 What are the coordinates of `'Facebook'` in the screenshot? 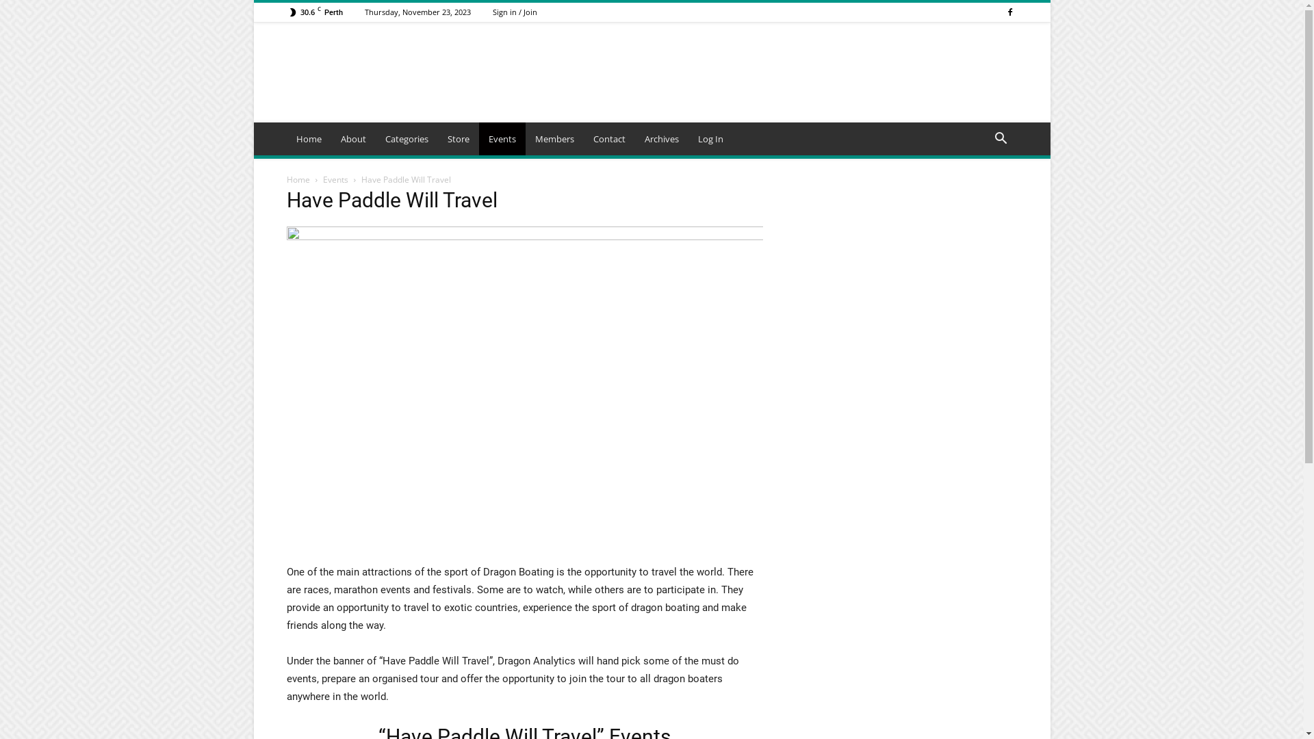 It's located at (1009, 12).